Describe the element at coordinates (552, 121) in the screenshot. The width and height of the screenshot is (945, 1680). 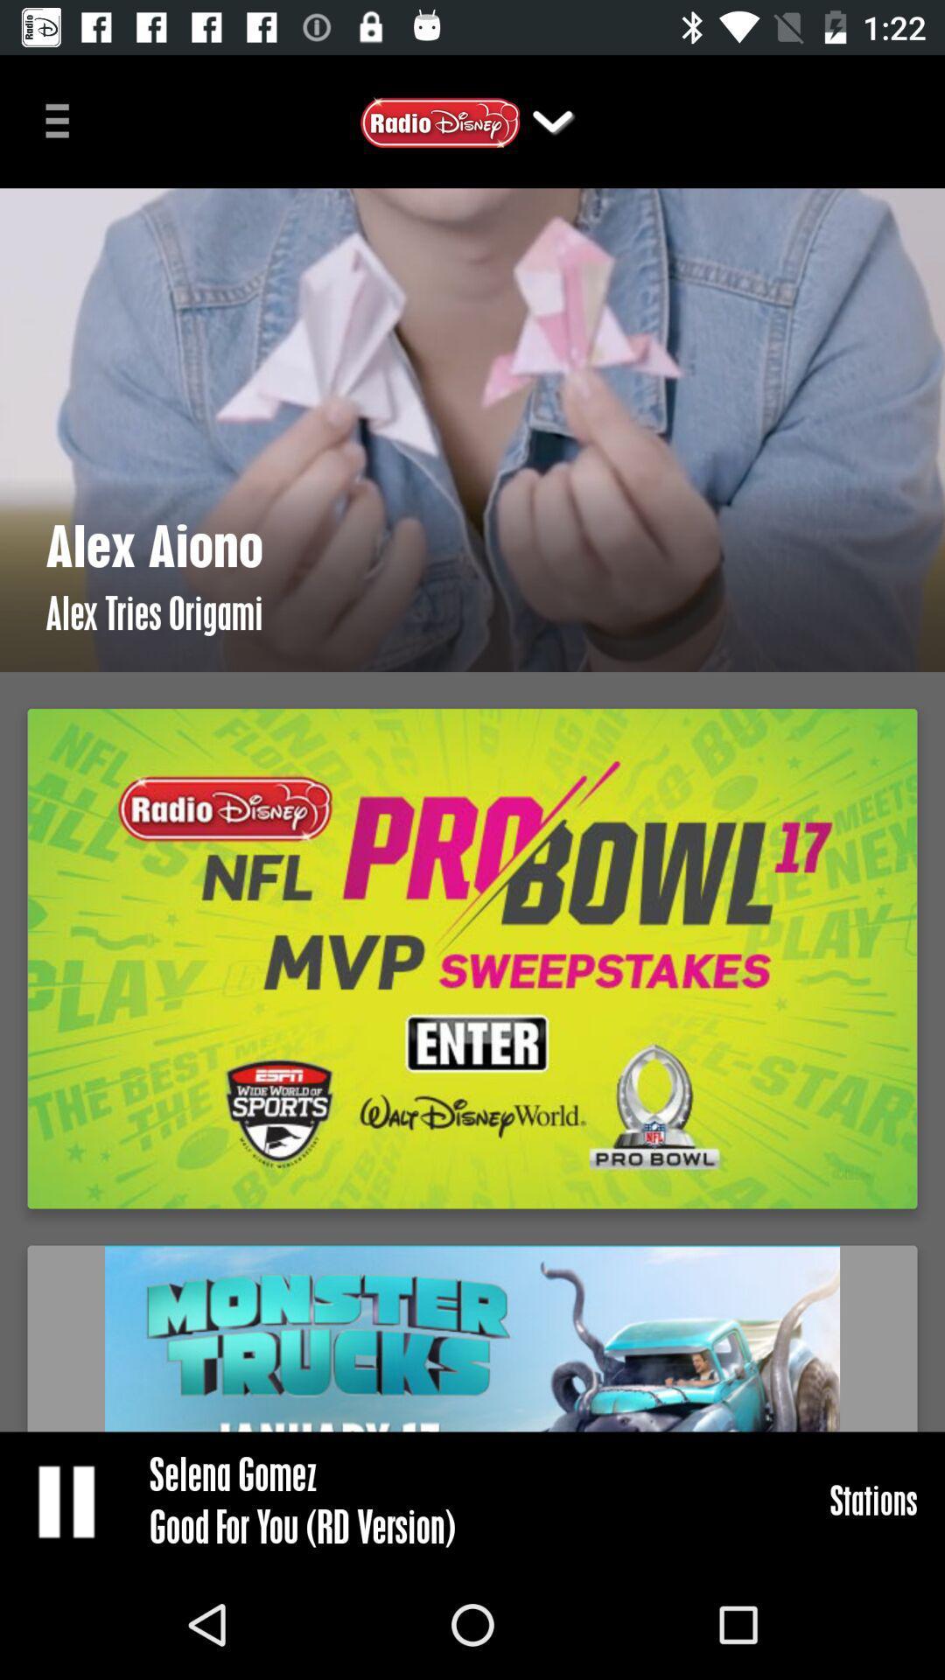
I see `the dropdown button on the top` at that location.